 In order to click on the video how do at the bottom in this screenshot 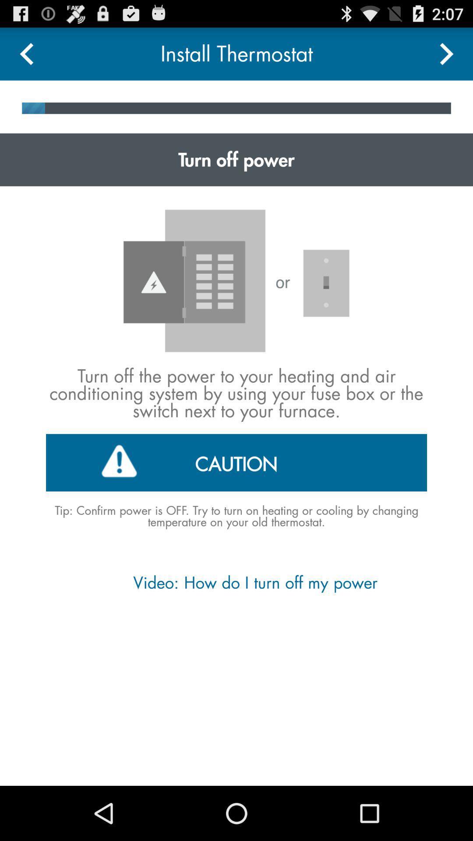, I will do `click(236, 583)`.